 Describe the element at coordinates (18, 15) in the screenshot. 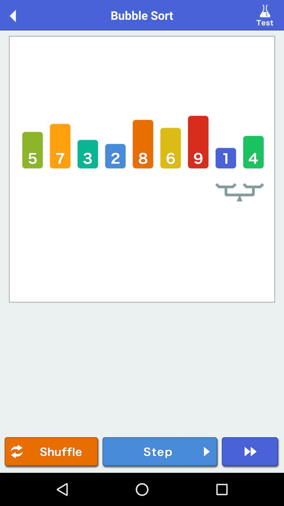

I see `the icon next to the bubble sort icon` at that location.